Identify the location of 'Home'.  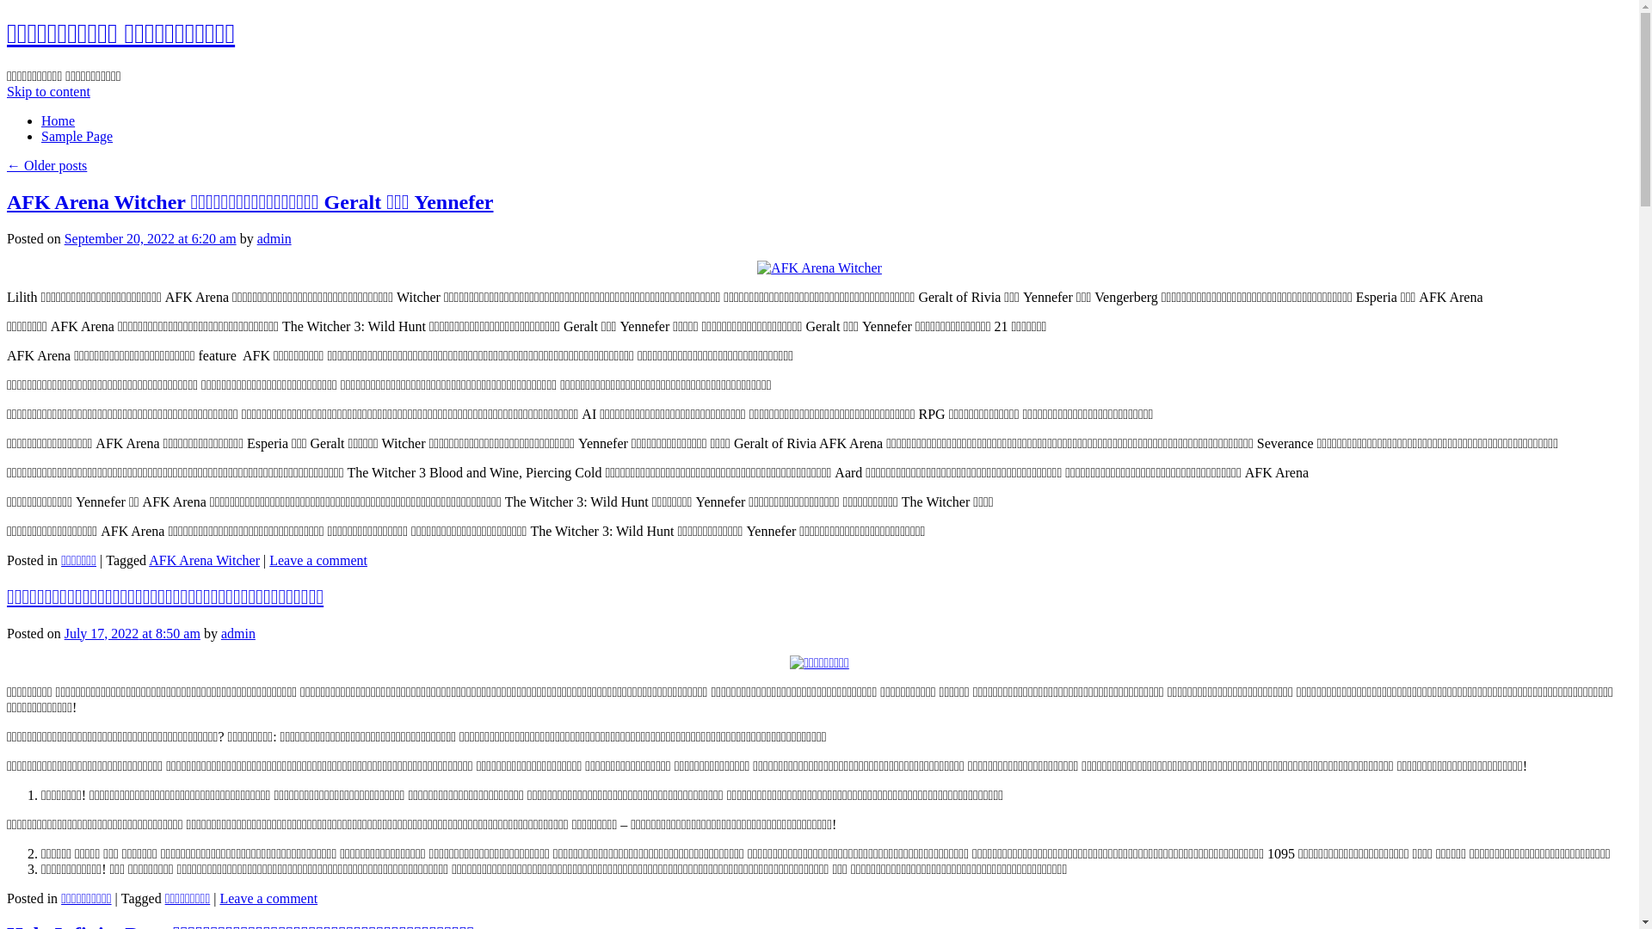
(58, 120).